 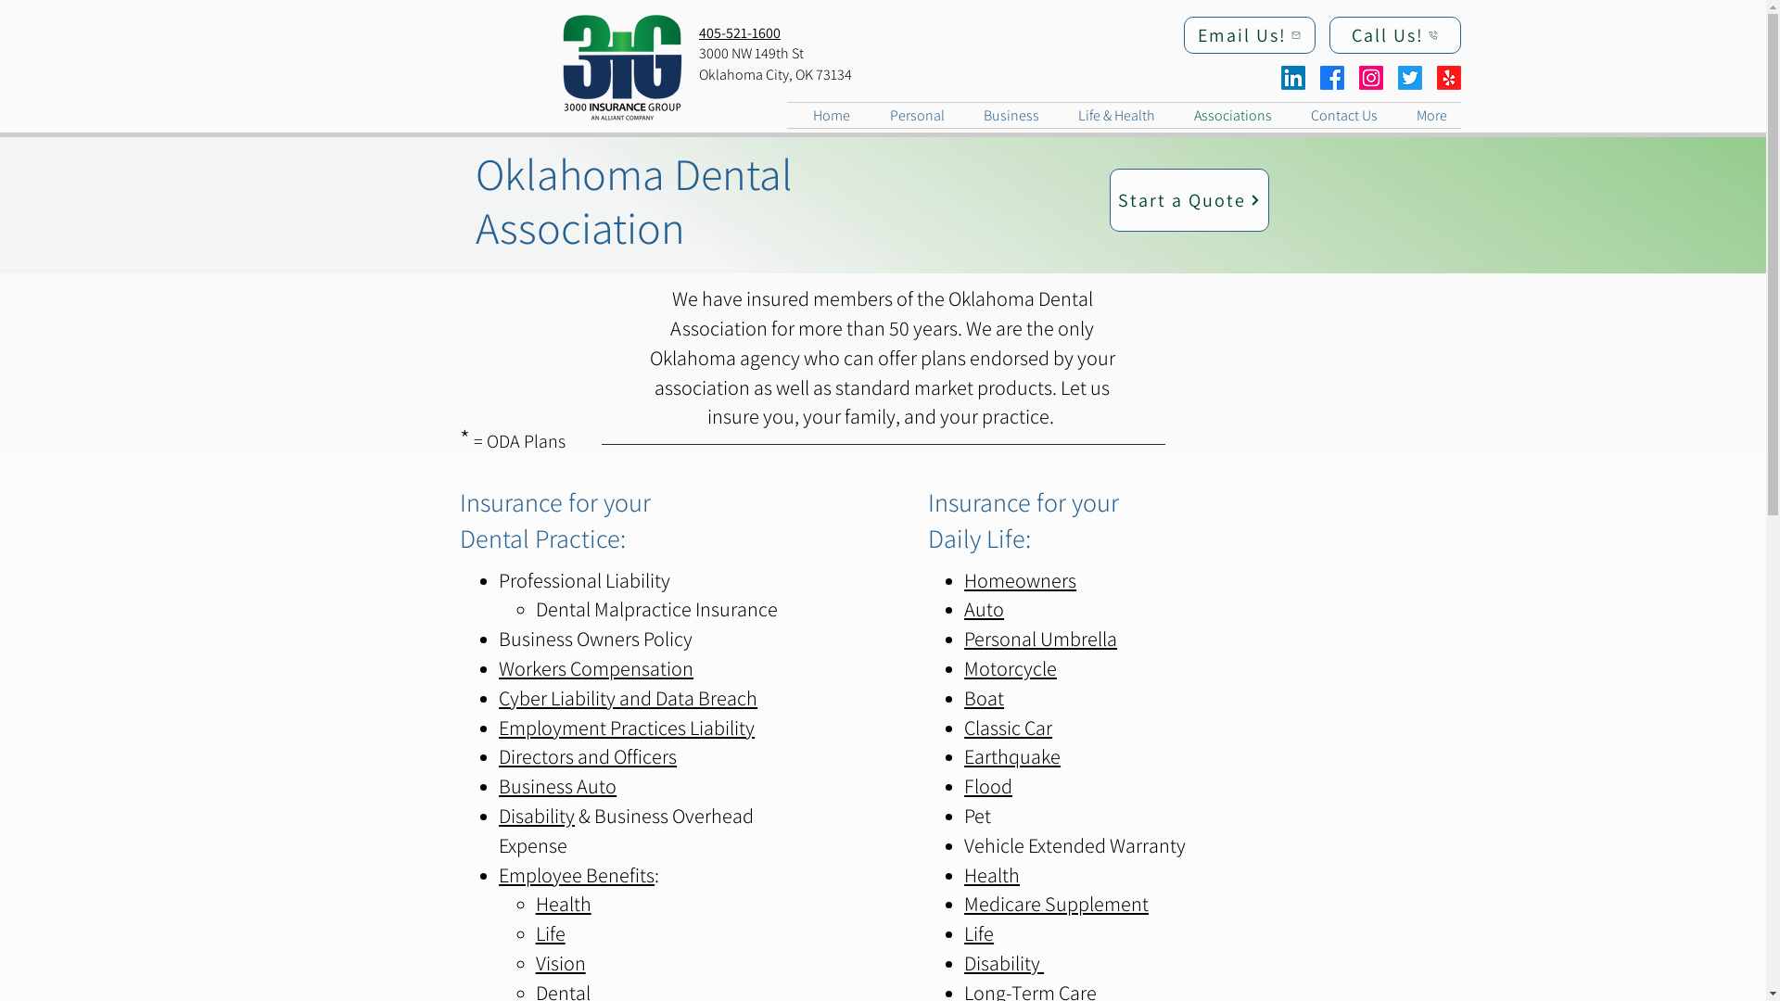 What do you see at coordinates (964, 727) in the screenshot?
I see `'Classic Car'` at bounding box center [964, 727].